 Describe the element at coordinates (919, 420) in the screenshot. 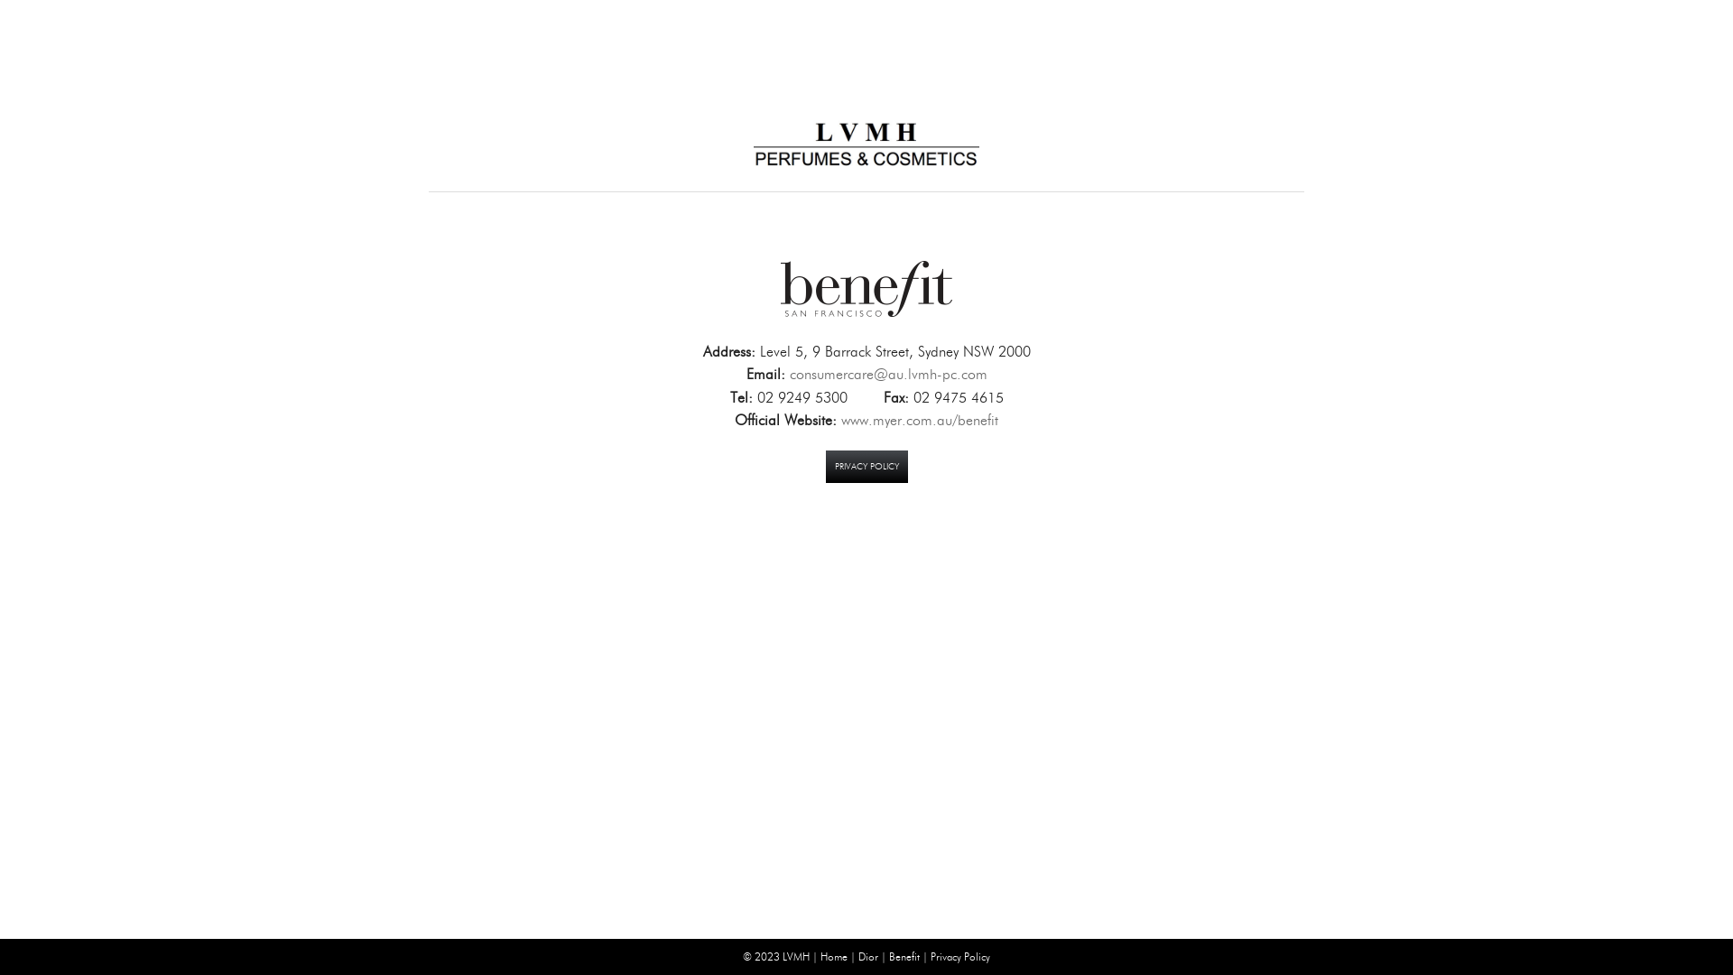

I see `'www.myer.com.au/benefit'` at that location.